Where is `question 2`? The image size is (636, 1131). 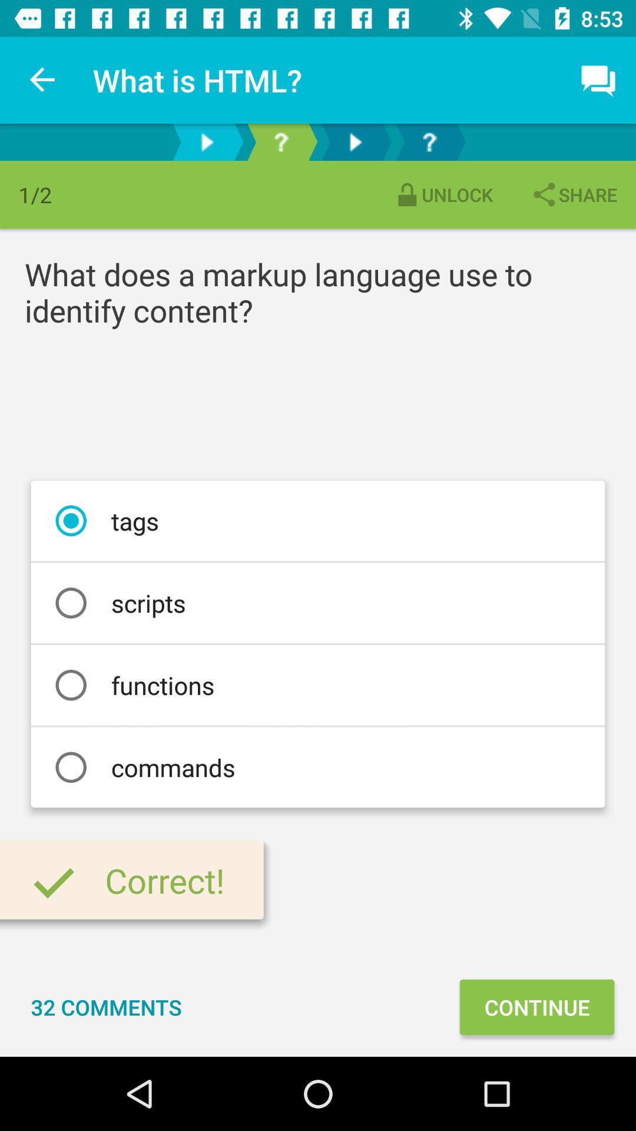 question 2 is located at coordinates (429, 141).